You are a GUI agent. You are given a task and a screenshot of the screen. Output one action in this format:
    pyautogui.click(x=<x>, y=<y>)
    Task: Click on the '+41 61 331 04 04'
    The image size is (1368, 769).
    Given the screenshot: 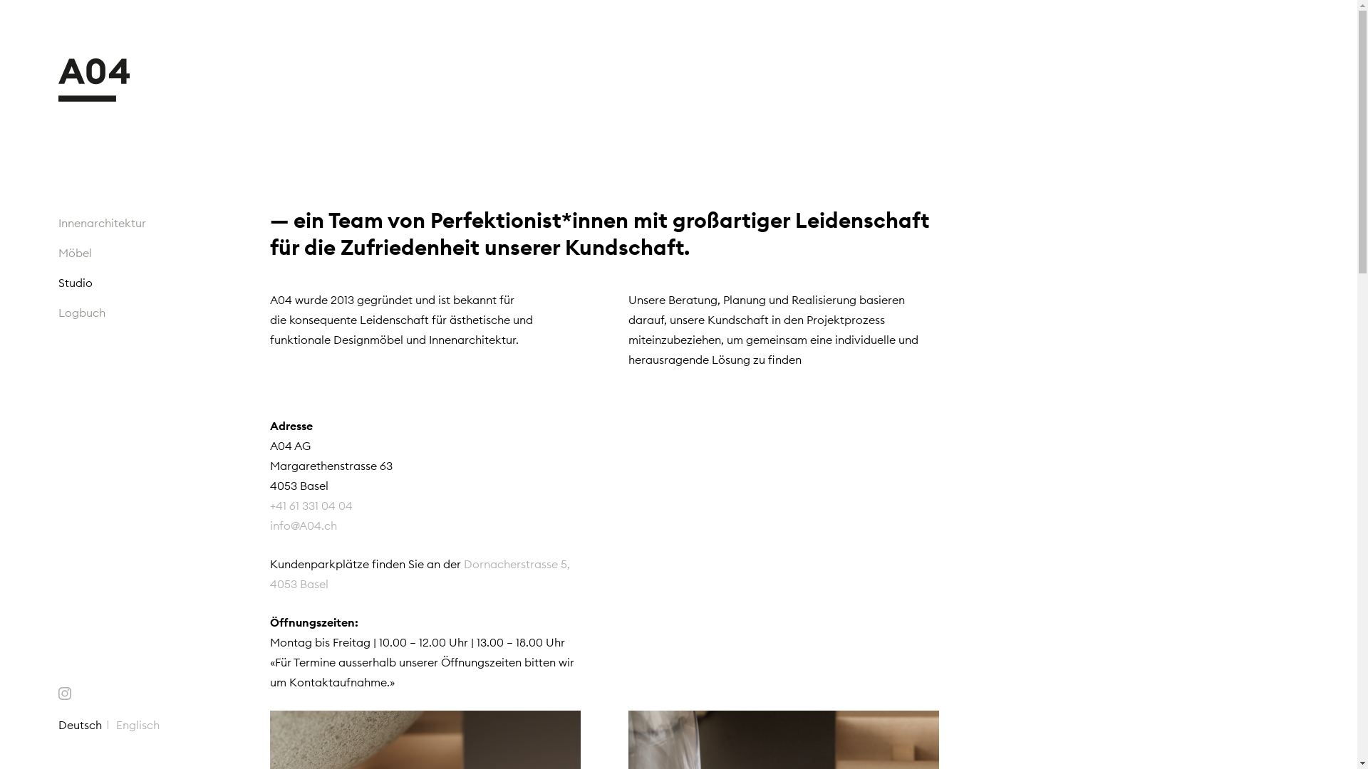 What is the action you would take?
    pyautogui.click(x=310, y=516)
    